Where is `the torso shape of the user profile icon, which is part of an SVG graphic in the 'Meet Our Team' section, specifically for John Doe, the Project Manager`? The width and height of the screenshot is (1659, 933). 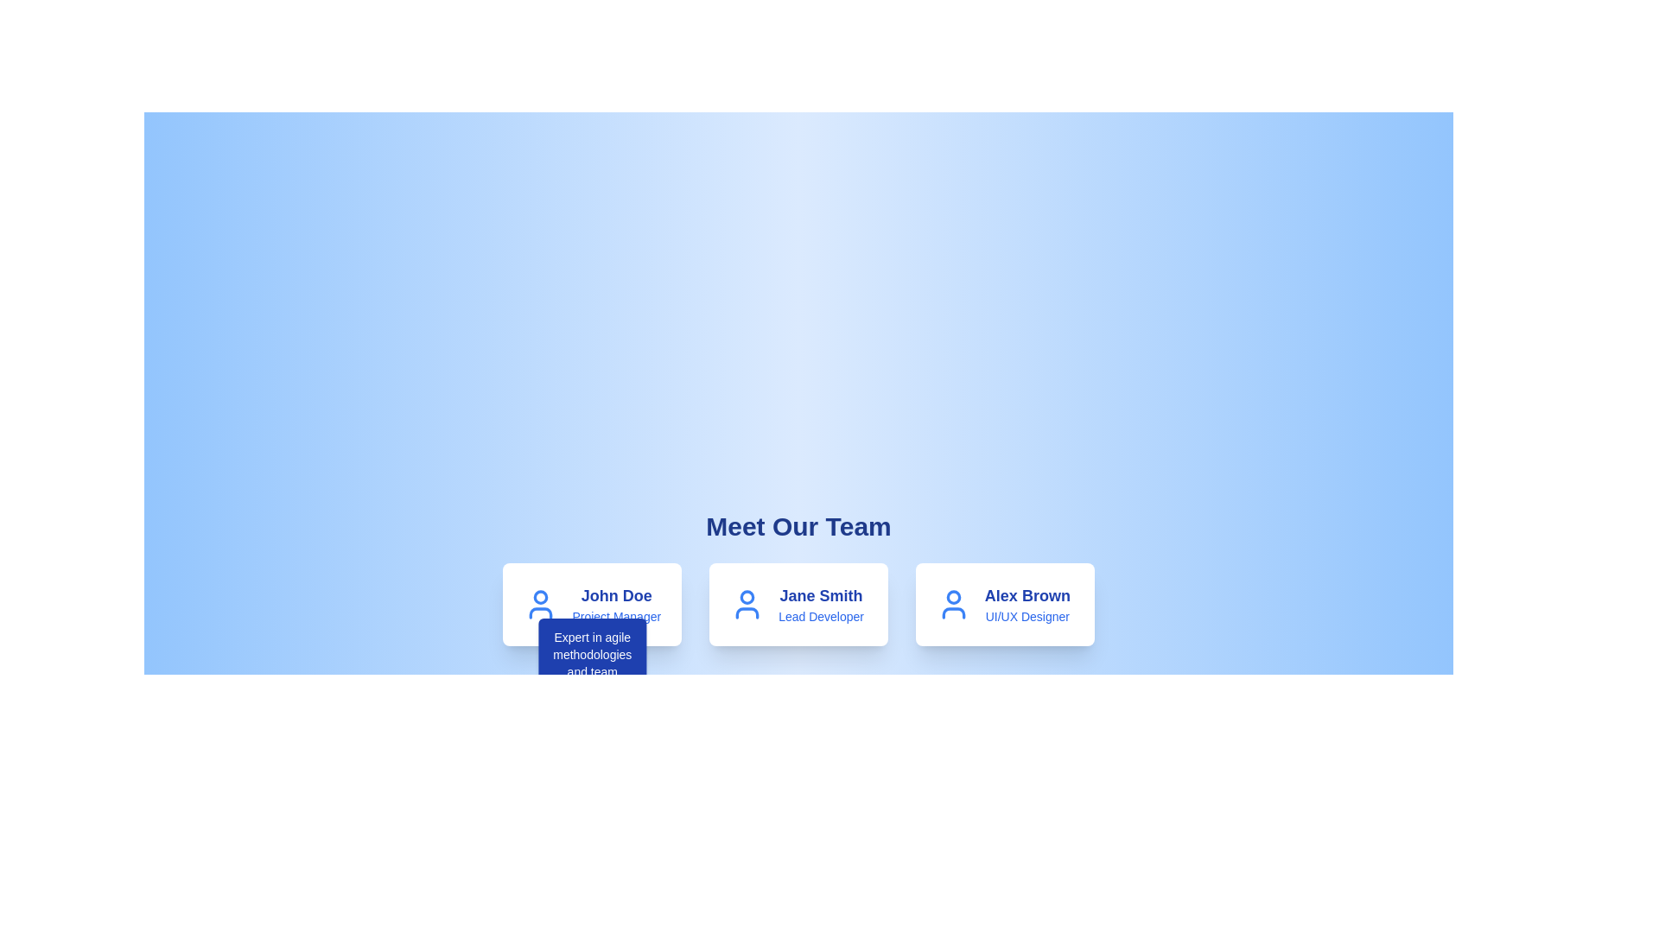
the torso shape of the user profile icon, which is part of an SVG graphic in the 'Meet Our Team' section, specifically for John Doe, the Project Manager is located at coordinates (747, 612).